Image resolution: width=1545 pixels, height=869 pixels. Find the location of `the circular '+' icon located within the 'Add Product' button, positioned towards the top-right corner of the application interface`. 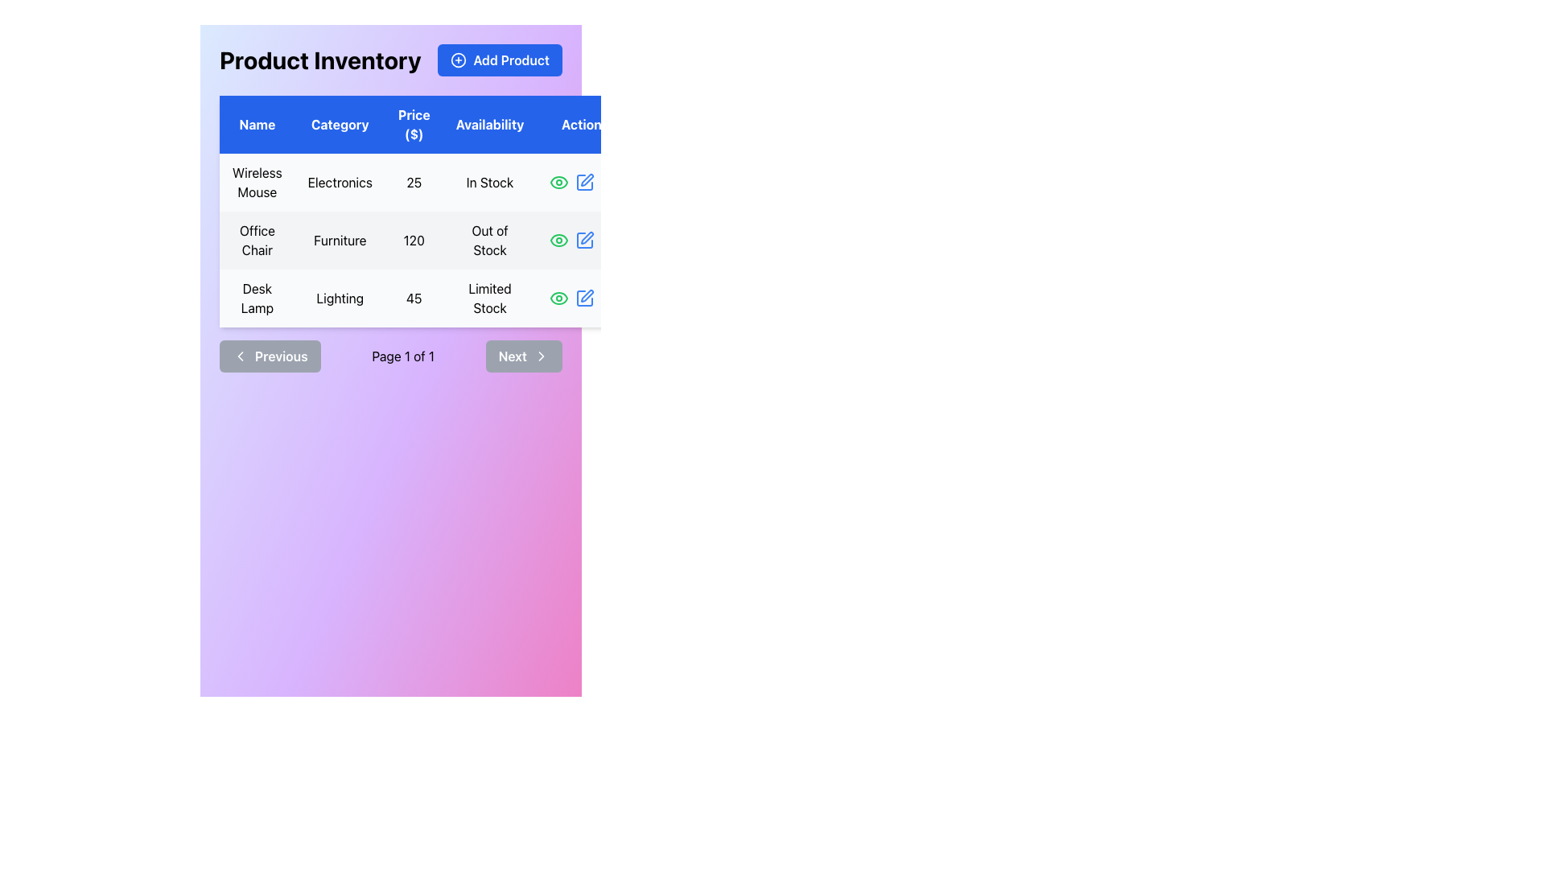

the circular '+' icon located within the 'Add Product' button, positioned towards the top-right corner of the application interface is located at coordinates (458, 59).